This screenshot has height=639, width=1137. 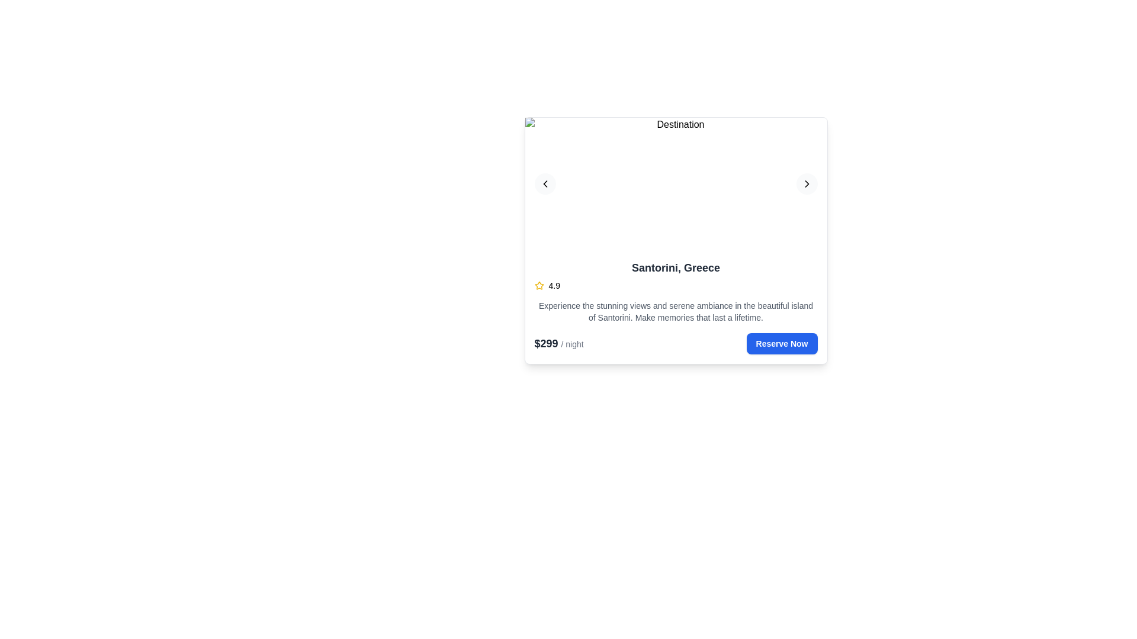 I want to click on the circular button with a gray background and a rightward-pointing chevron icon at its center for interaction, so click(x=806, y=184).